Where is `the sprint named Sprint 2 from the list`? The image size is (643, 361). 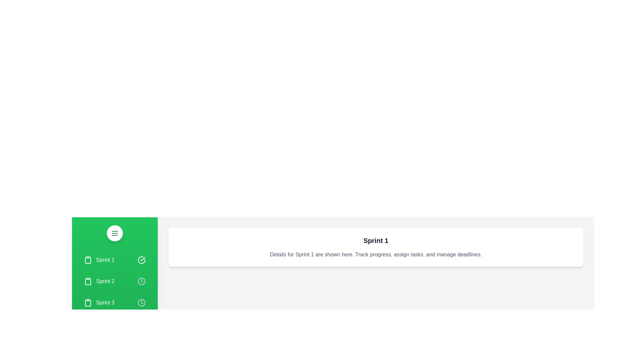 the sprint named Sprint 2 from the list is located at coordinates (115, 281).